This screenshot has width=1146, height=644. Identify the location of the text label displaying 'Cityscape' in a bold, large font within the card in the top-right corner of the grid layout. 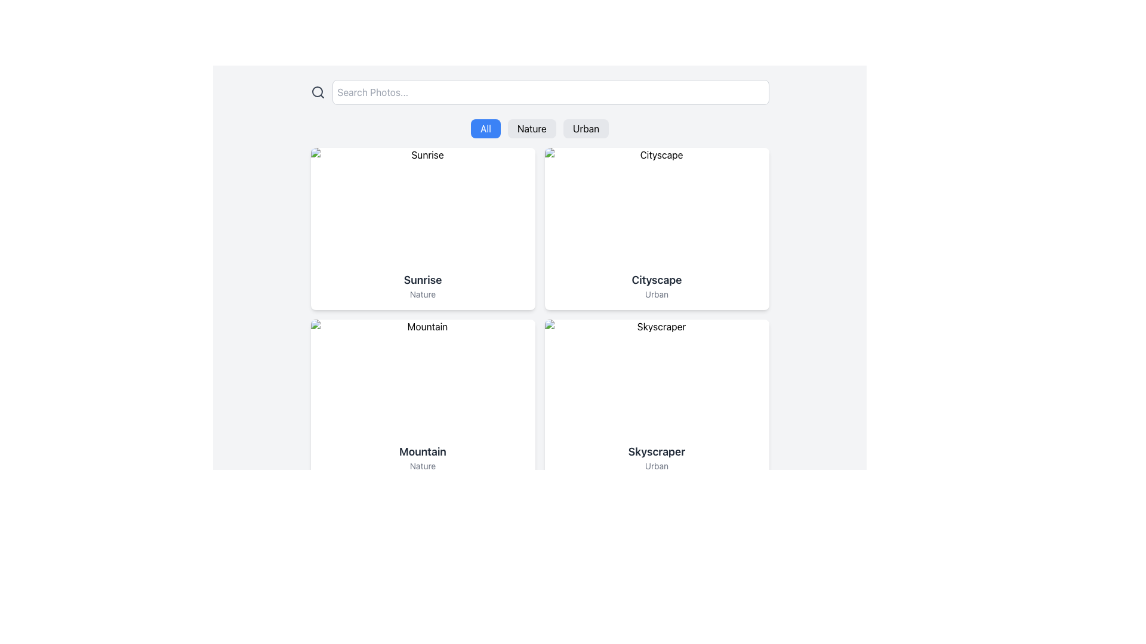
(656, 280).